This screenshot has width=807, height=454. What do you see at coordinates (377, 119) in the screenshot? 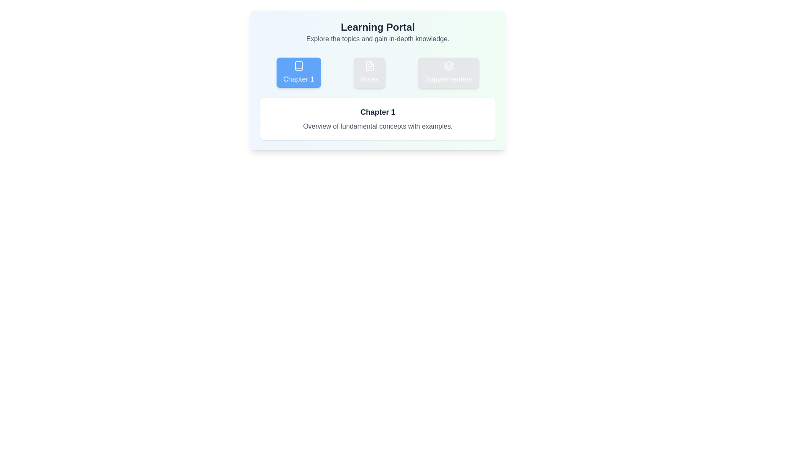
I see `the informational card that displays 'Chapter 1' in bold text and an overview of fundamental concepts beneath the 'Learning Portal' section` at bounding box center [377, 119].